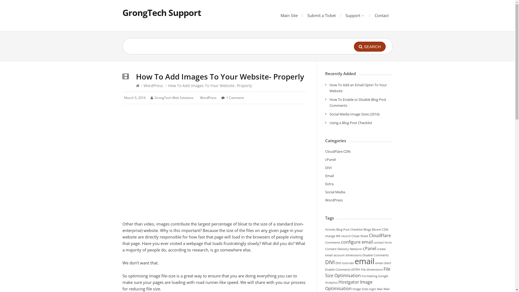 The image size is (519, 292). Describe the element at coordinates (334, 191) in the screenshot. I see `'Social Media'` at that location.